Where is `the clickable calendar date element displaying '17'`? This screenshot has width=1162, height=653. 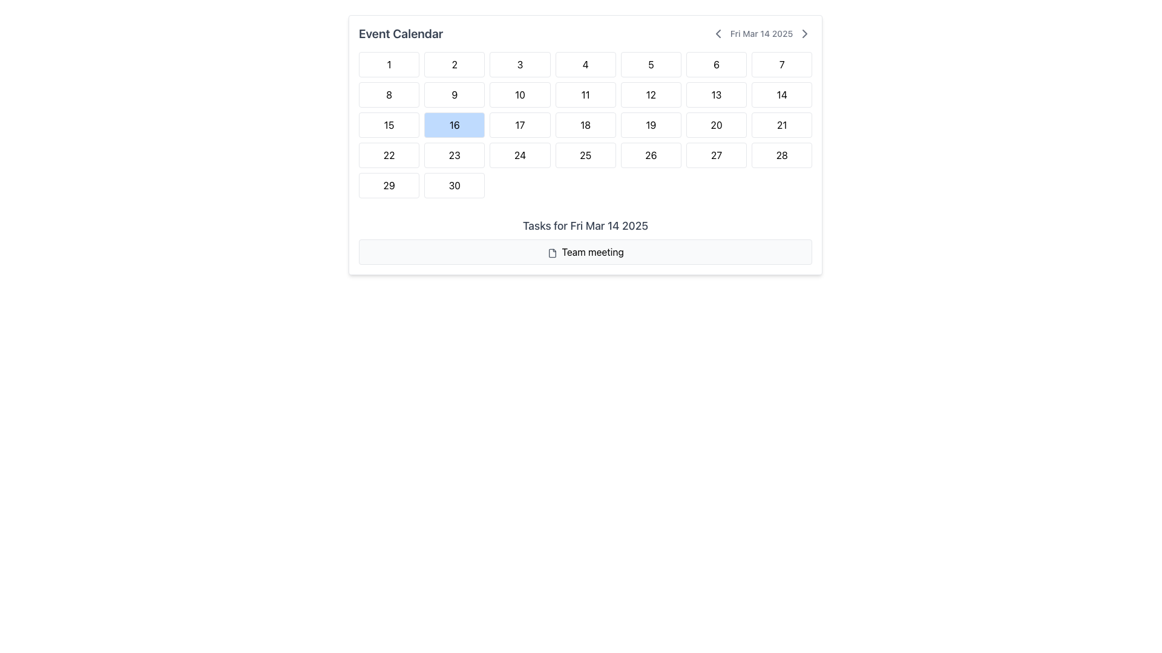
the clickable calendar date element displaying '17' is located at coordinates (520, 125).